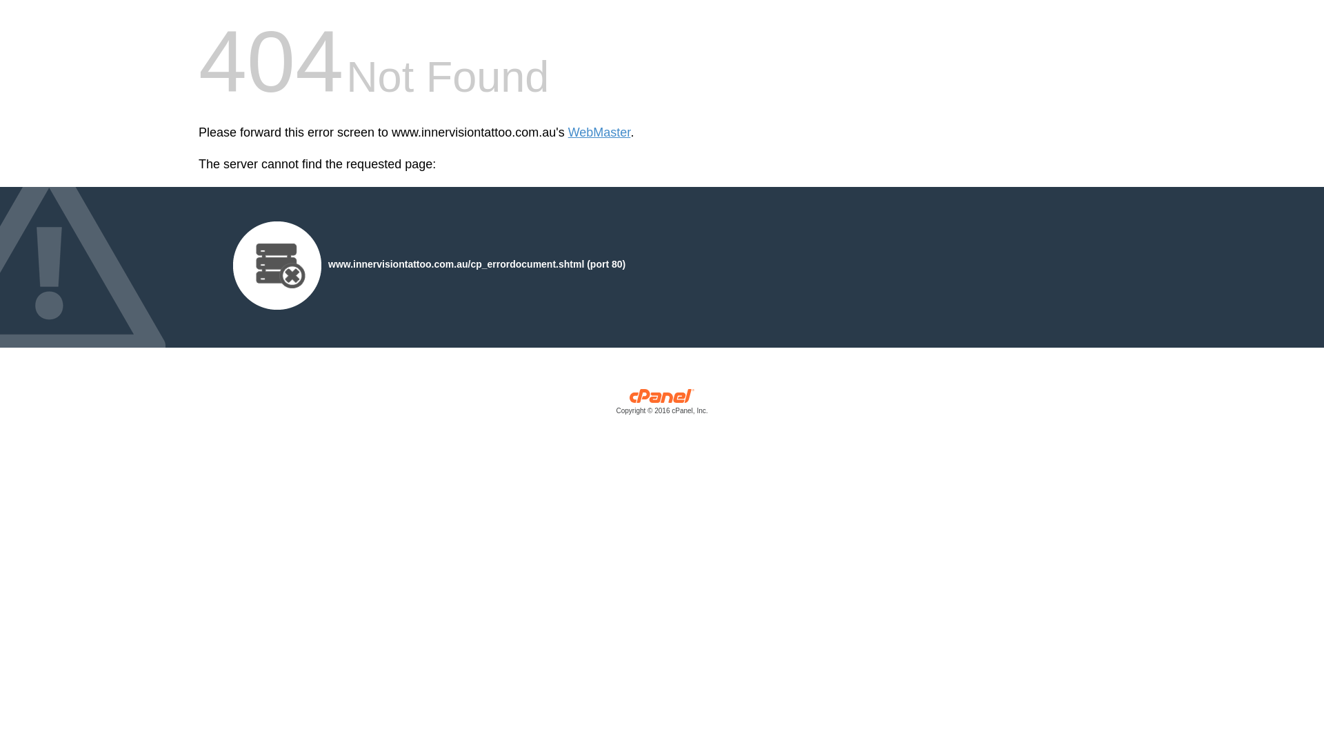 The width and height of the screenshot is (1324, 745). Describe the element at coordinates (599, 132) in the screenshot. I see `'WebMaster'` at that location.